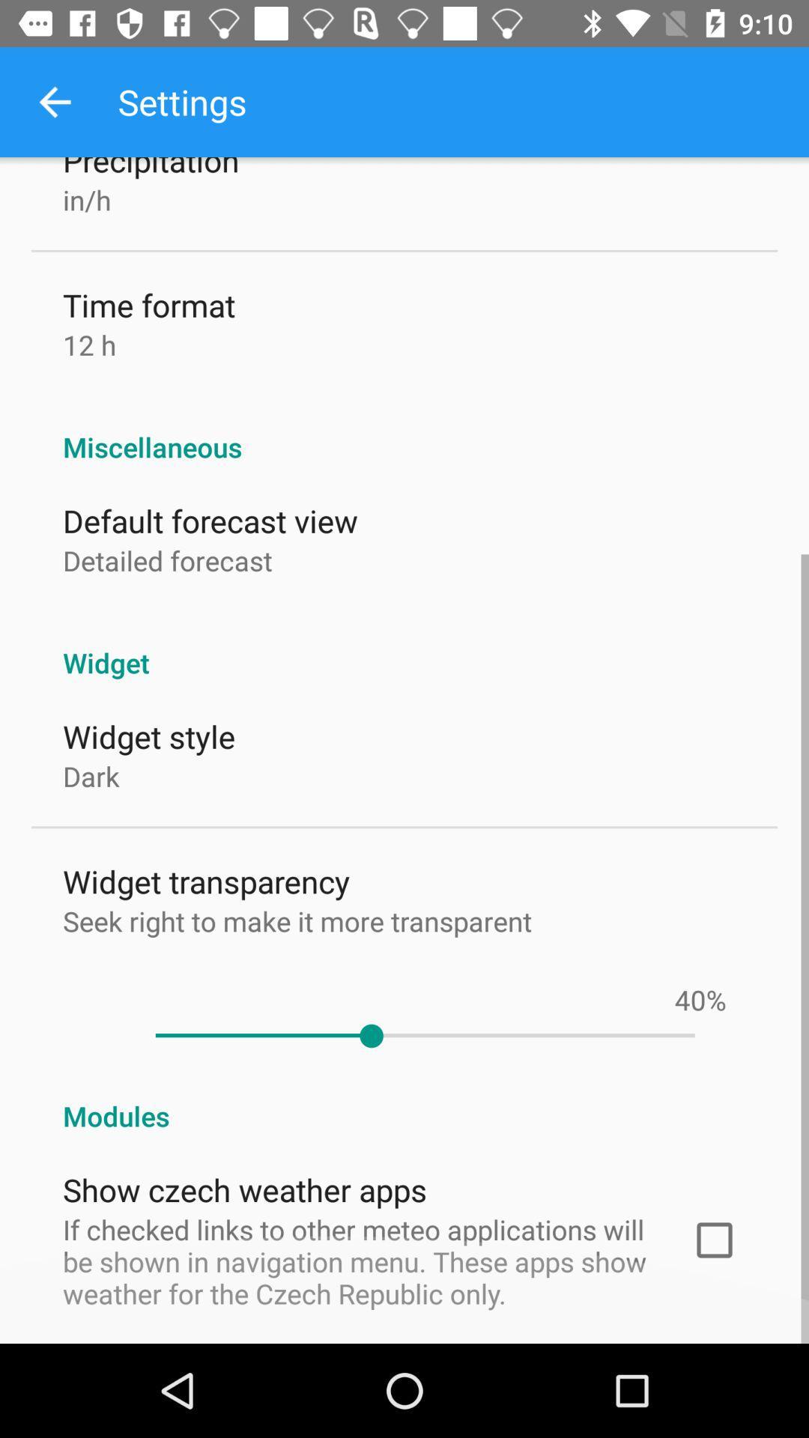 This screenshot has width=809, height=1438. Describe the element at coordinates (91, 776) in the screenshot. I see `the icon above the widget transparency` at that location.